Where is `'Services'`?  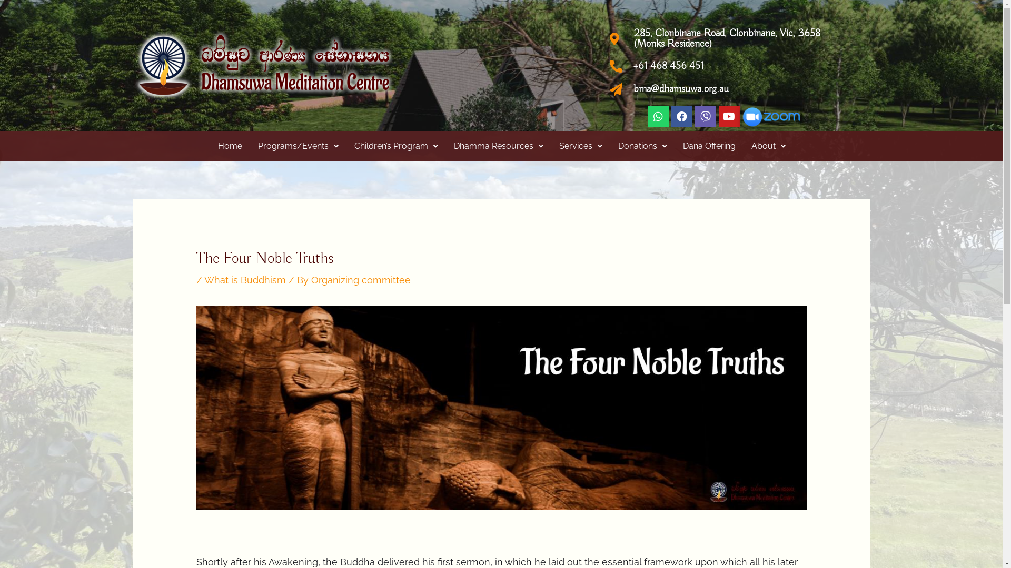
'Services' is located at coordinates (580, 146).